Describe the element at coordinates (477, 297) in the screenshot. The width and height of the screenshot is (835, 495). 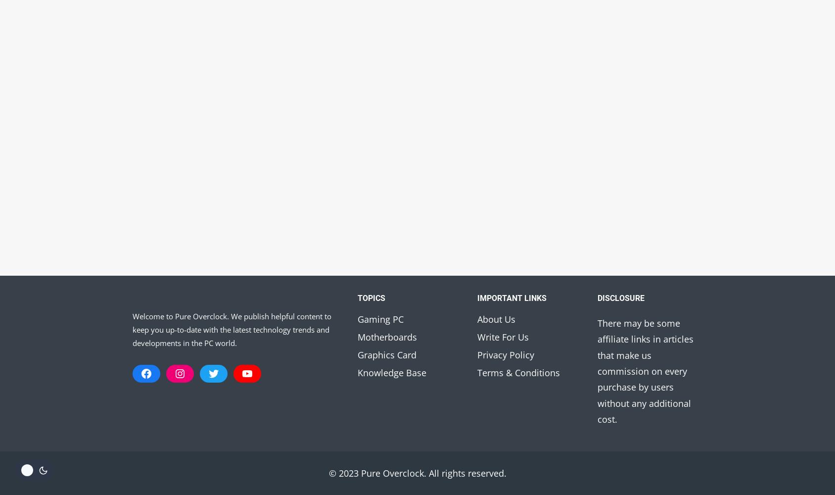
I see `'Important Links'` at that location.